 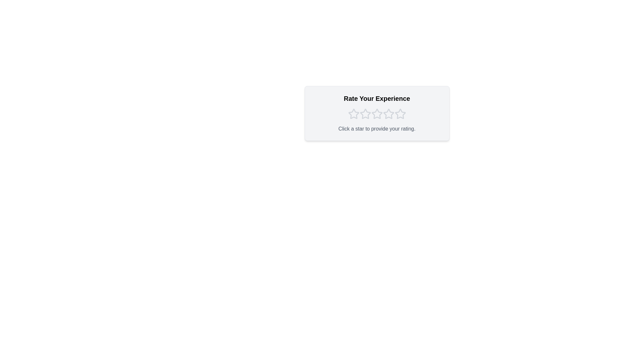 I want to click on the star corresponding to the rating 1 to set the rating, so click(x=353, y=114).